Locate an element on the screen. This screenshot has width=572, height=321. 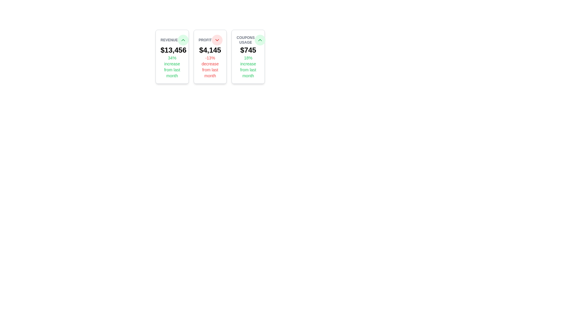
the visual indicator icon for positive trend in the 'Revenue' section, located at the upper right corner relative to the 'Revenue' label is located at coordinates (183, 40).